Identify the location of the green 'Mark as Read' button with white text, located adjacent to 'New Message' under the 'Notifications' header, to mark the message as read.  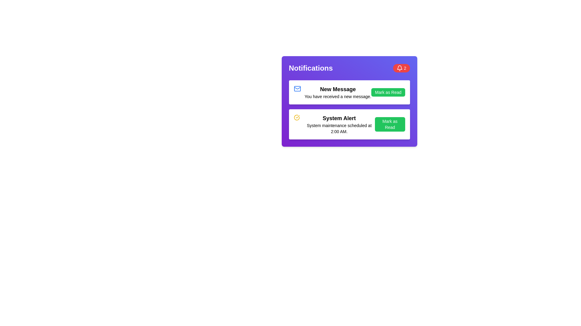
(388, 92).